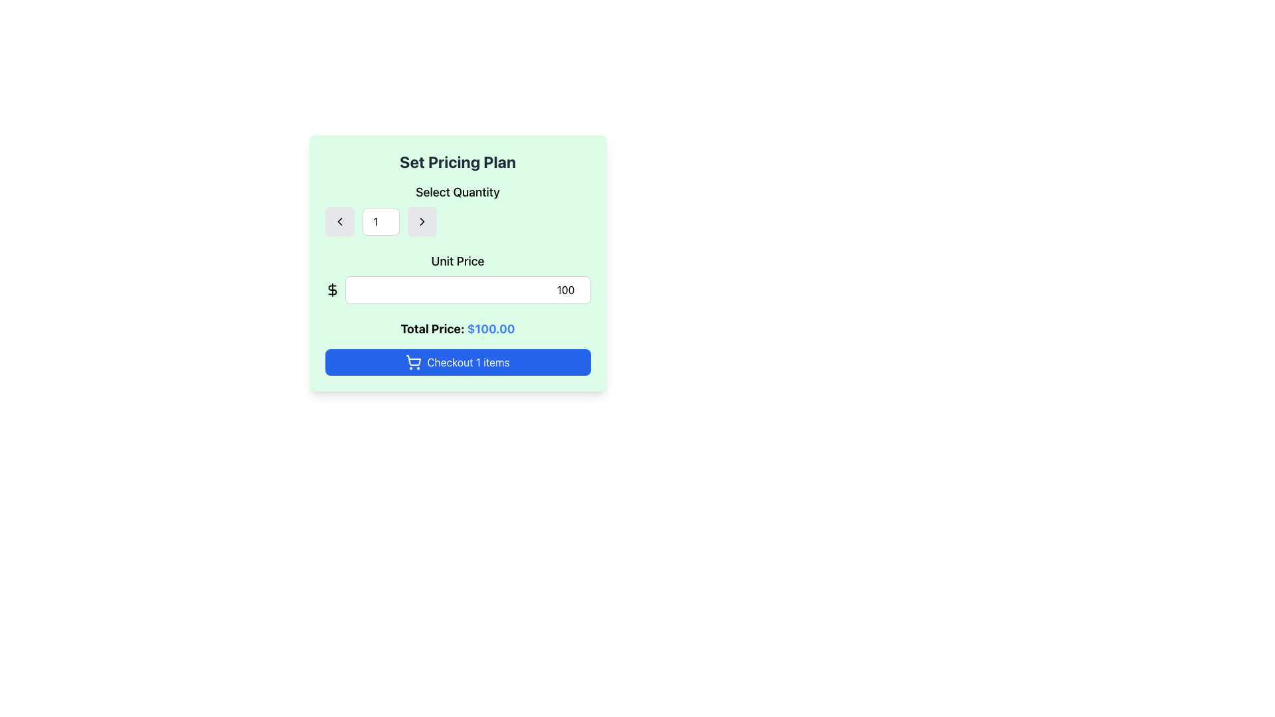 The height and width of the screenshot is (717, 1275). What do you see at coordinates (339, 221) in the screenshot?
I see `the left-pointing arrow icon within the first button under the 'Select Quantity' label in the 'Set Pricing Plan' interface` at bounding box center [339, 221].